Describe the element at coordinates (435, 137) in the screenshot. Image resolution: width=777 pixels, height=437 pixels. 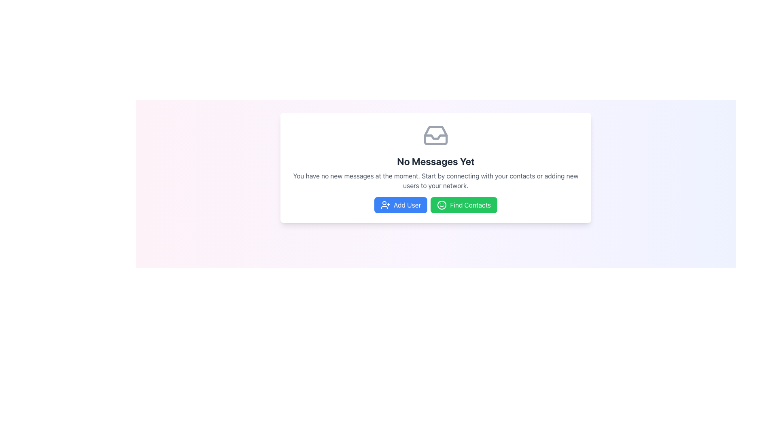
I see `the triangular shape representing the open envelope's flap, which is part of an icon resembling an inbox or message tray located at the top center of the message display section` at that location.